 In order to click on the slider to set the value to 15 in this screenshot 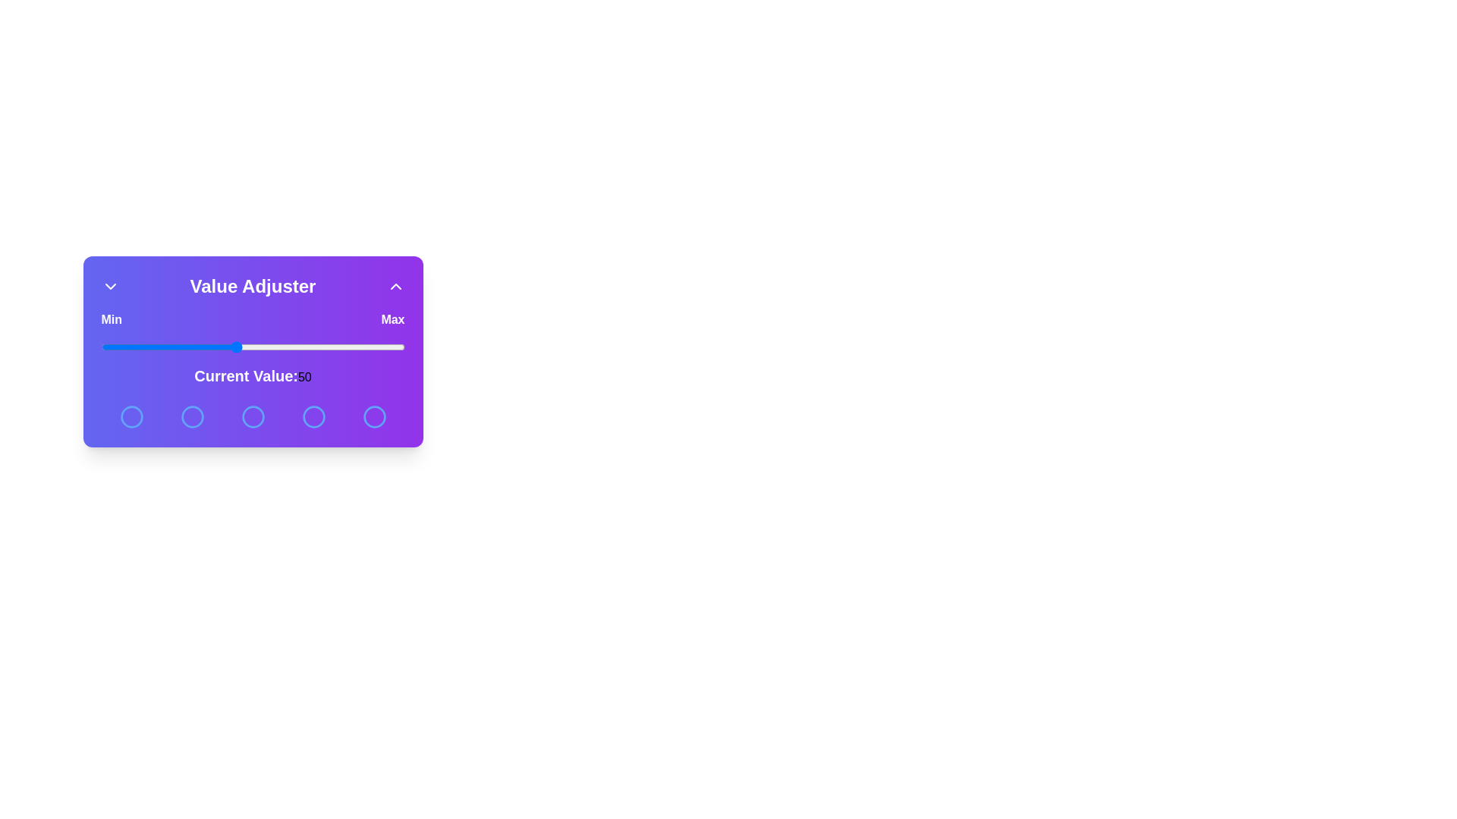, I will do `click(117, 347)`.